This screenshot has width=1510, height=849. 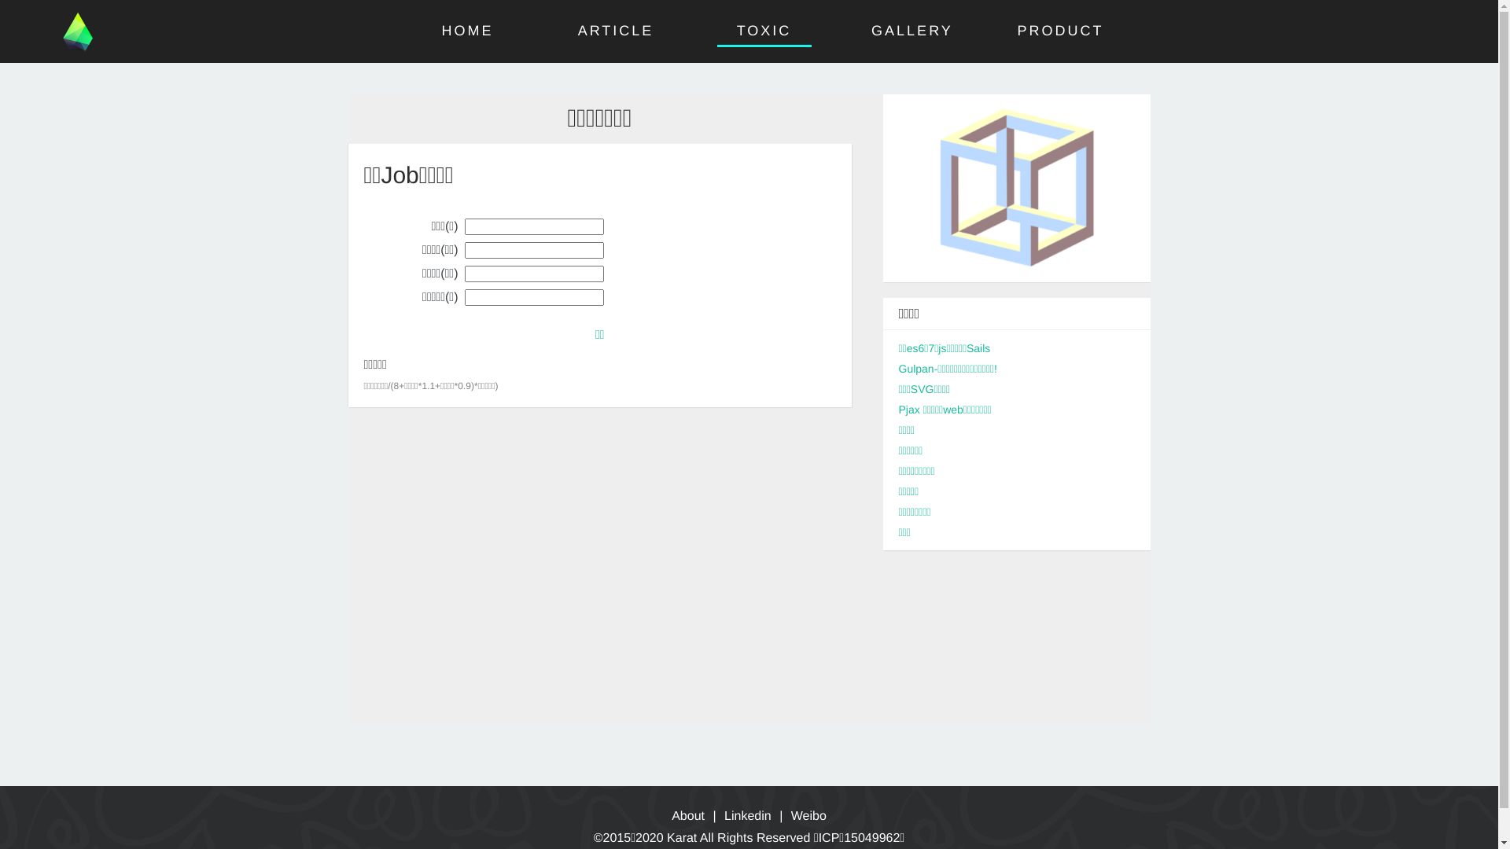 I want to click on 'PRODUCT', so click(x=1016, y=30).